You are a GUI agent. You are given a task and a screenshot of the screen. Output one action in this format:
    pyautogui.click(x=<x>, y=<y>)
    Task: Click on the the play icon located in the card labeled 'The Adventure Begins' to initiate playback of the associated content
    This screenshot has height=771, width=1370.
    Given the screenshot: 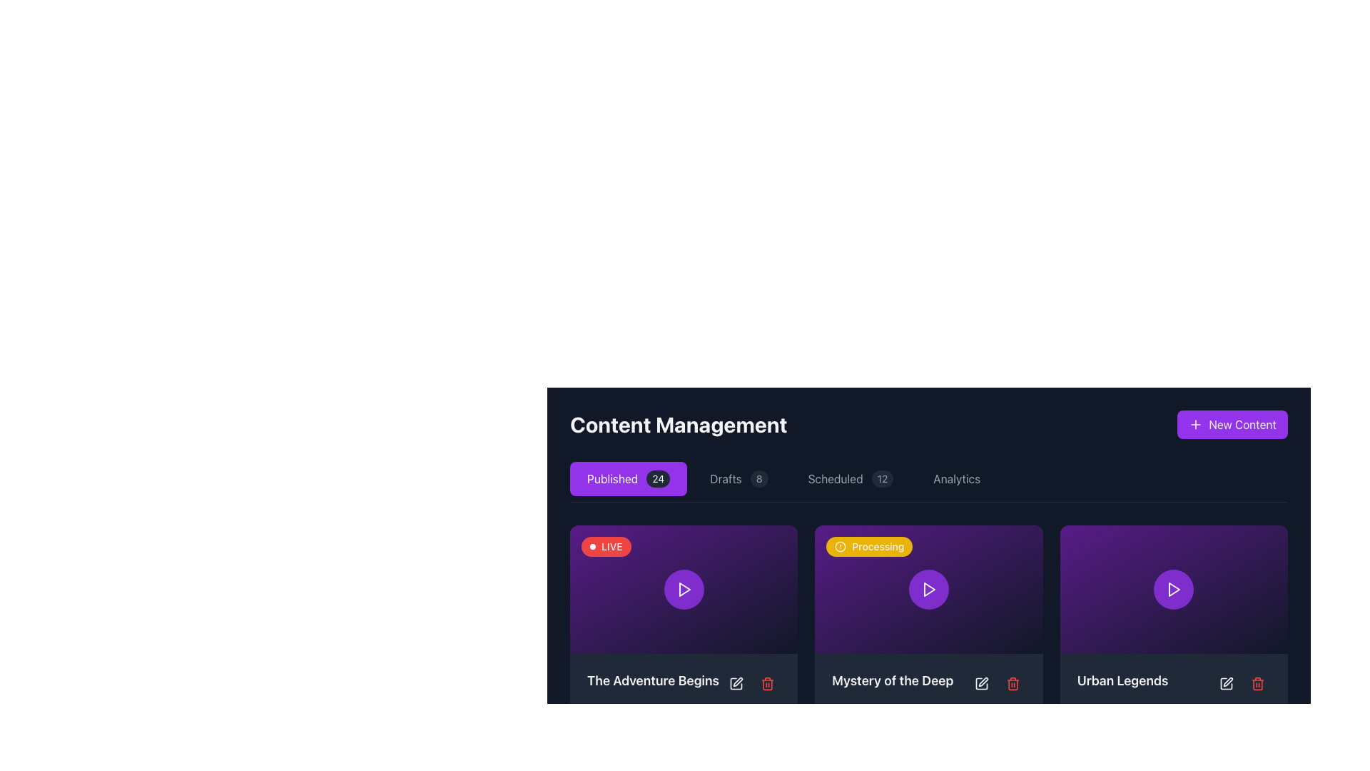 What is the action you would take?
    pyautogui.click(x=684, y=589)
    